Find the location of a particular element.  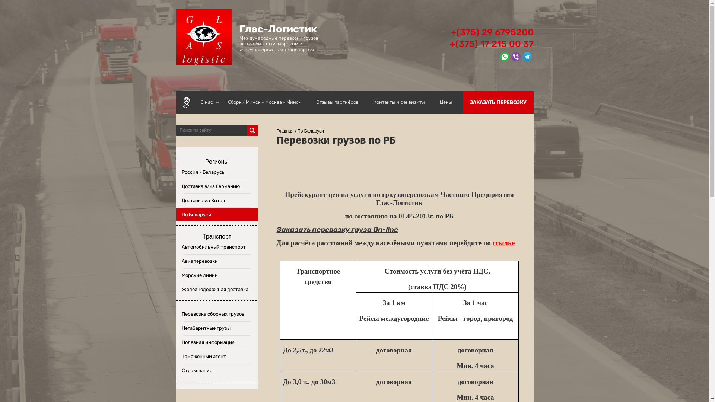

'+(375) 17 215 00 37' is located at coordinates (449, 44).